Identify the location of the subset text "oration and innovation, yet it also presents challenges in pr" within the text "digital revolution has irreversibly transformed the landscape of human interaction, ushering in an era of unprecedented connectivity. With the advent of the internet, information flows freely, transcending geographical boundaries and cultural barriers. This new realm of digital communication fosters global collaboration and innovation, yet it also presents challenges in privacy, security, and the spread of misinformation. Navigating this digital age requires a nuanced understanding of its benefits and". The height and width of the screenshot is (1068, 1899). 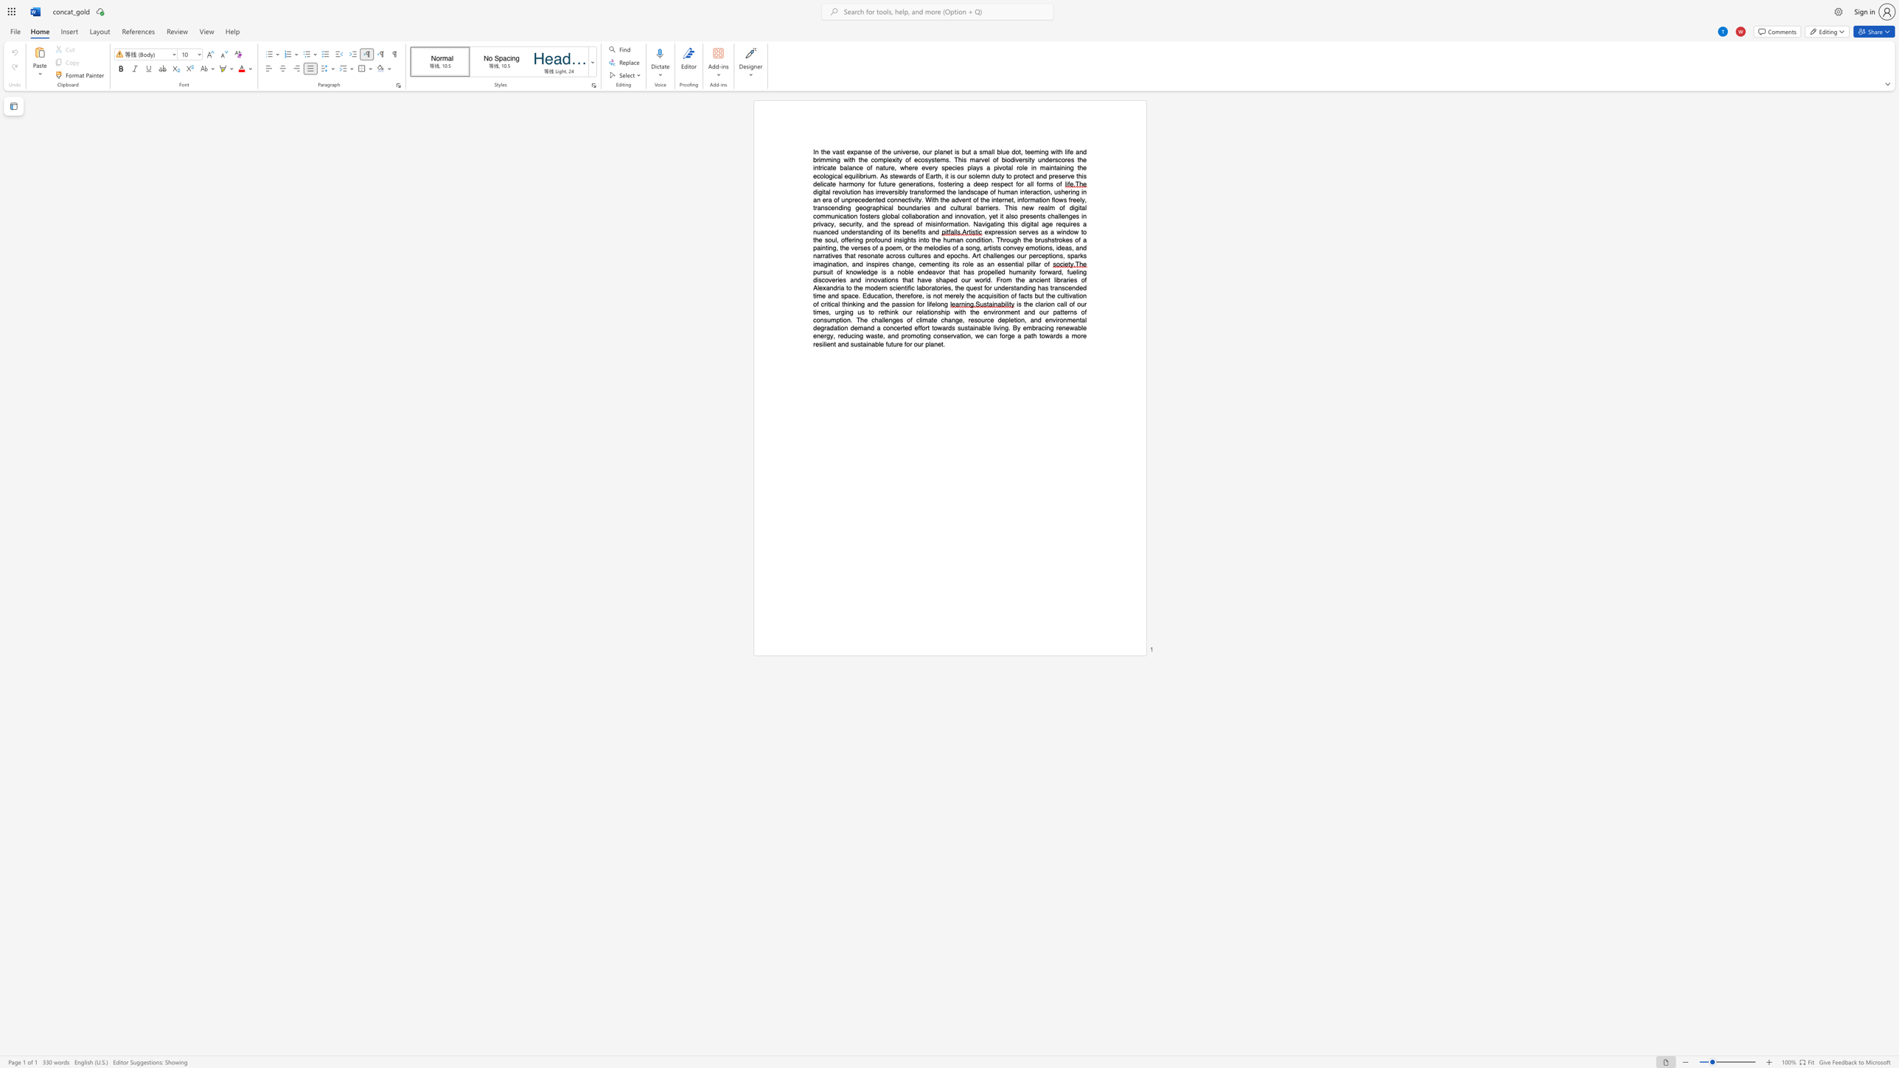
(918, 214).